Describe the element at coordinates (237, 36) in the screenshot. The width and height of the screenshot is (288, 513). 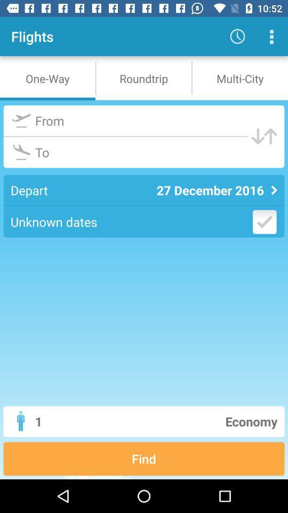
I see `app next to the flights item` at that location.